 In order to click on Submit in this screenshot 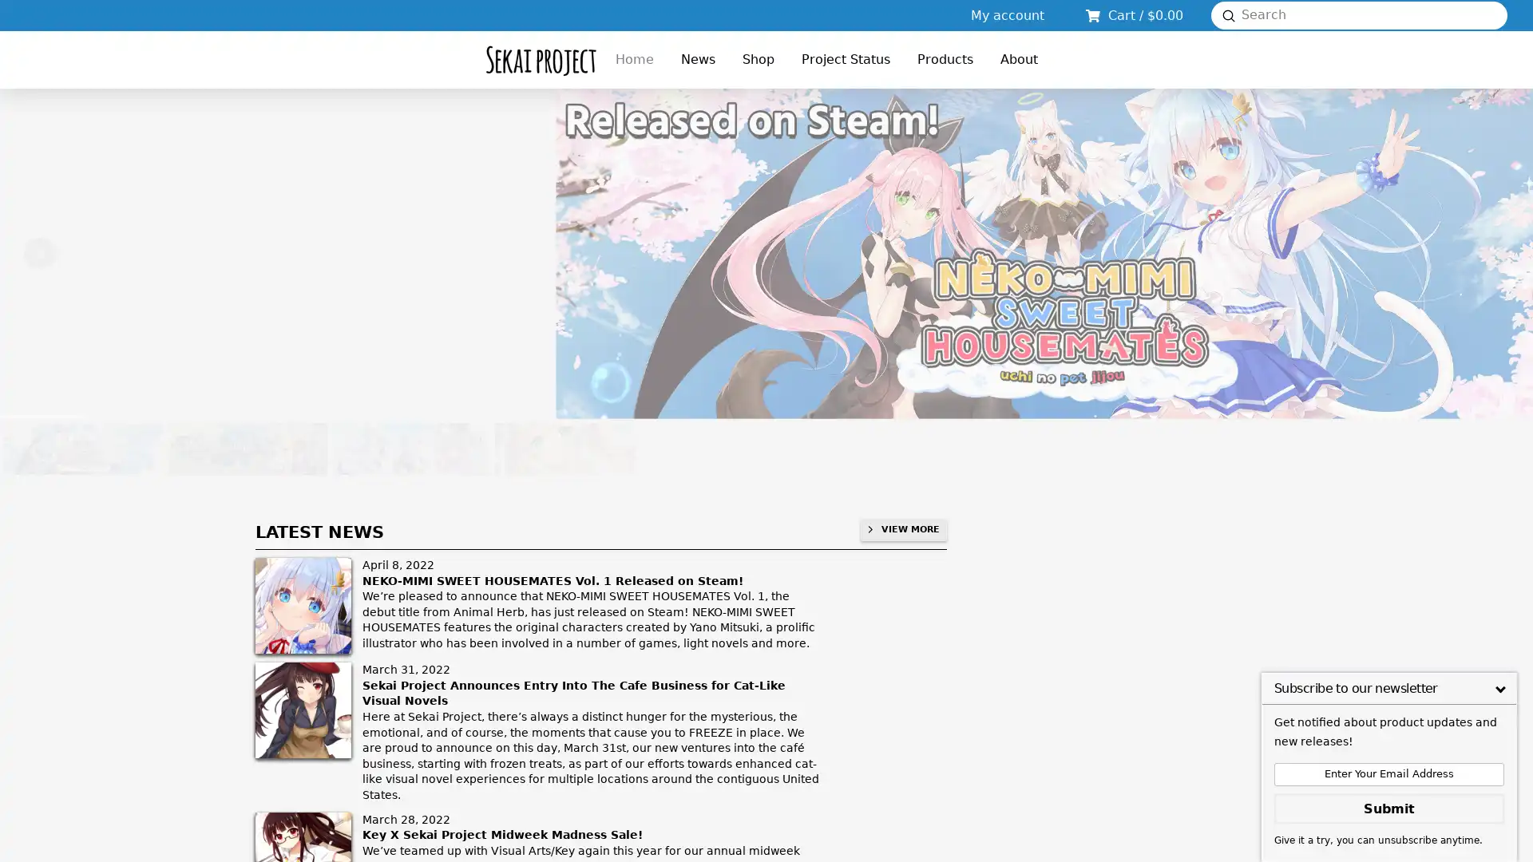, I will do `click(1228, 15)`.